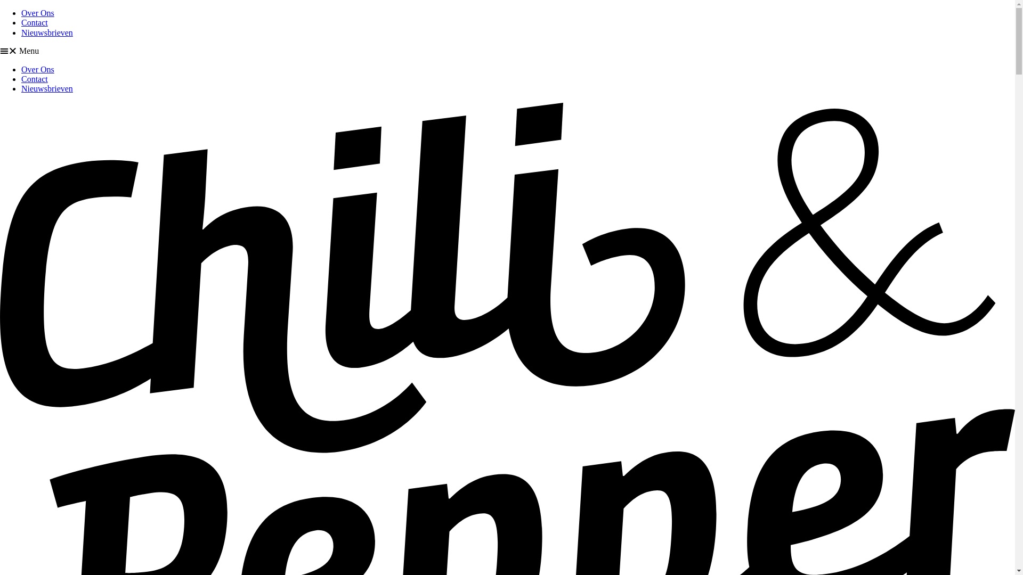 The width and height of the screenshot is (1023, 575). I want to click on 'Contact', so click(35, 22).